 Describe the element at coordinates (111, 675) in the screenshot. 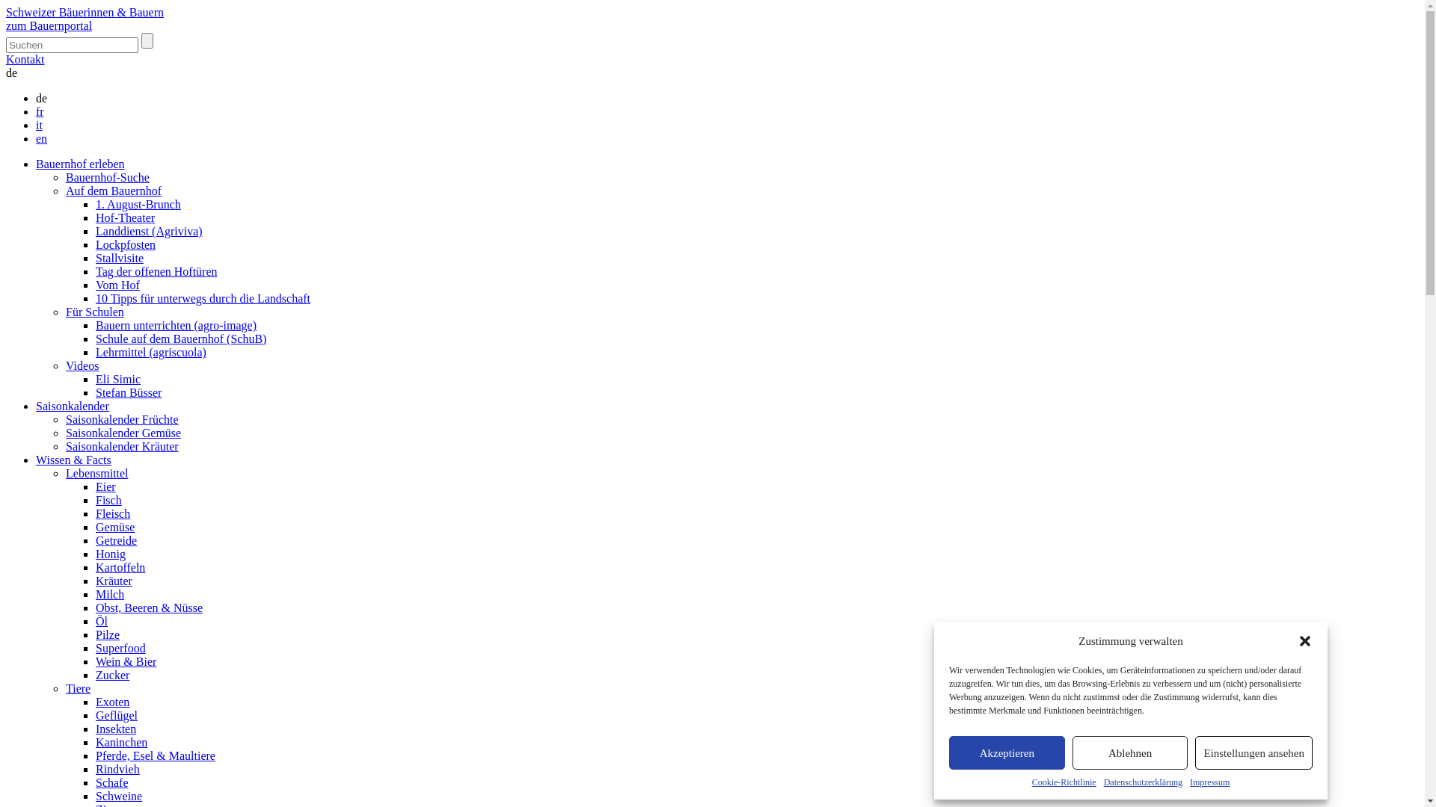

I see `'Zucker'` at that location.